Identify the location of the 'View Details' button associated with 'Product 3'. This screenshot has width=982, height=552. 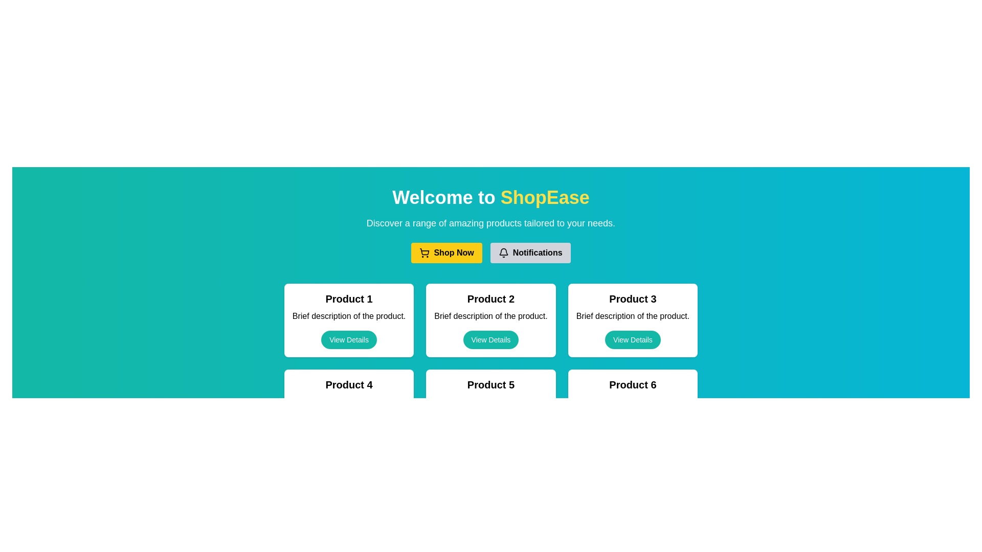
(632, 339).